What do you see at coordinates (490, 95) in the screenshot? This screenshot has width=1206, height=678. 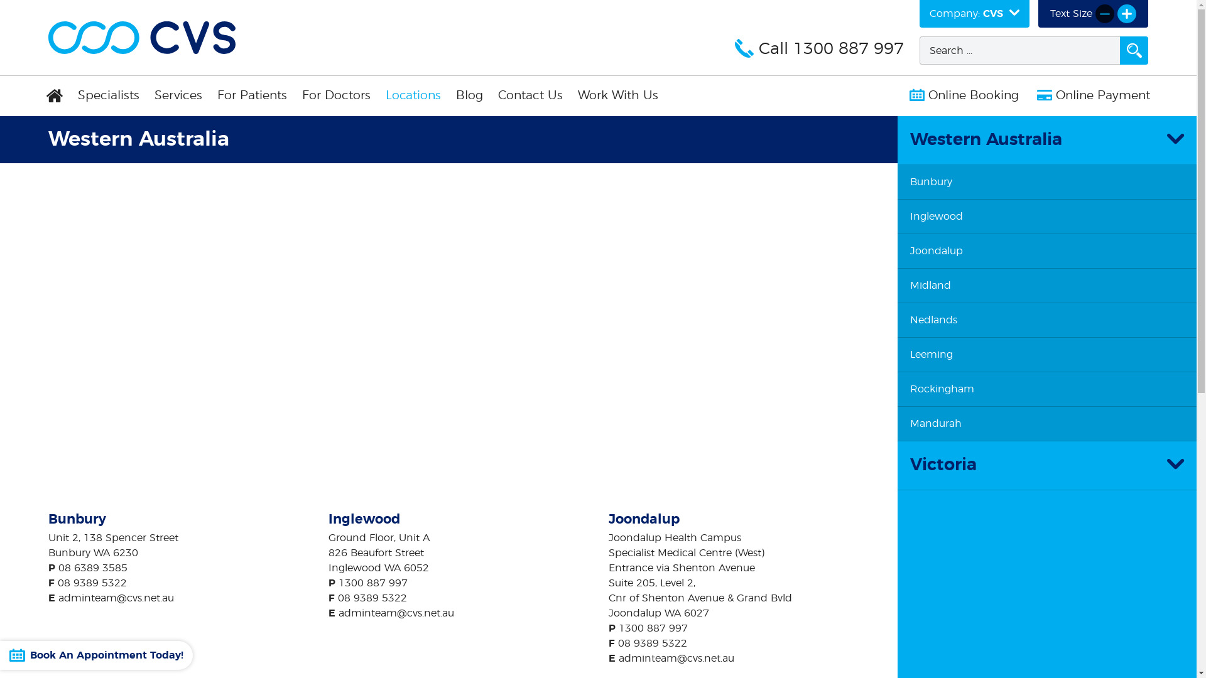 I see `'Contact Us'` at bounding box center [490, 95].